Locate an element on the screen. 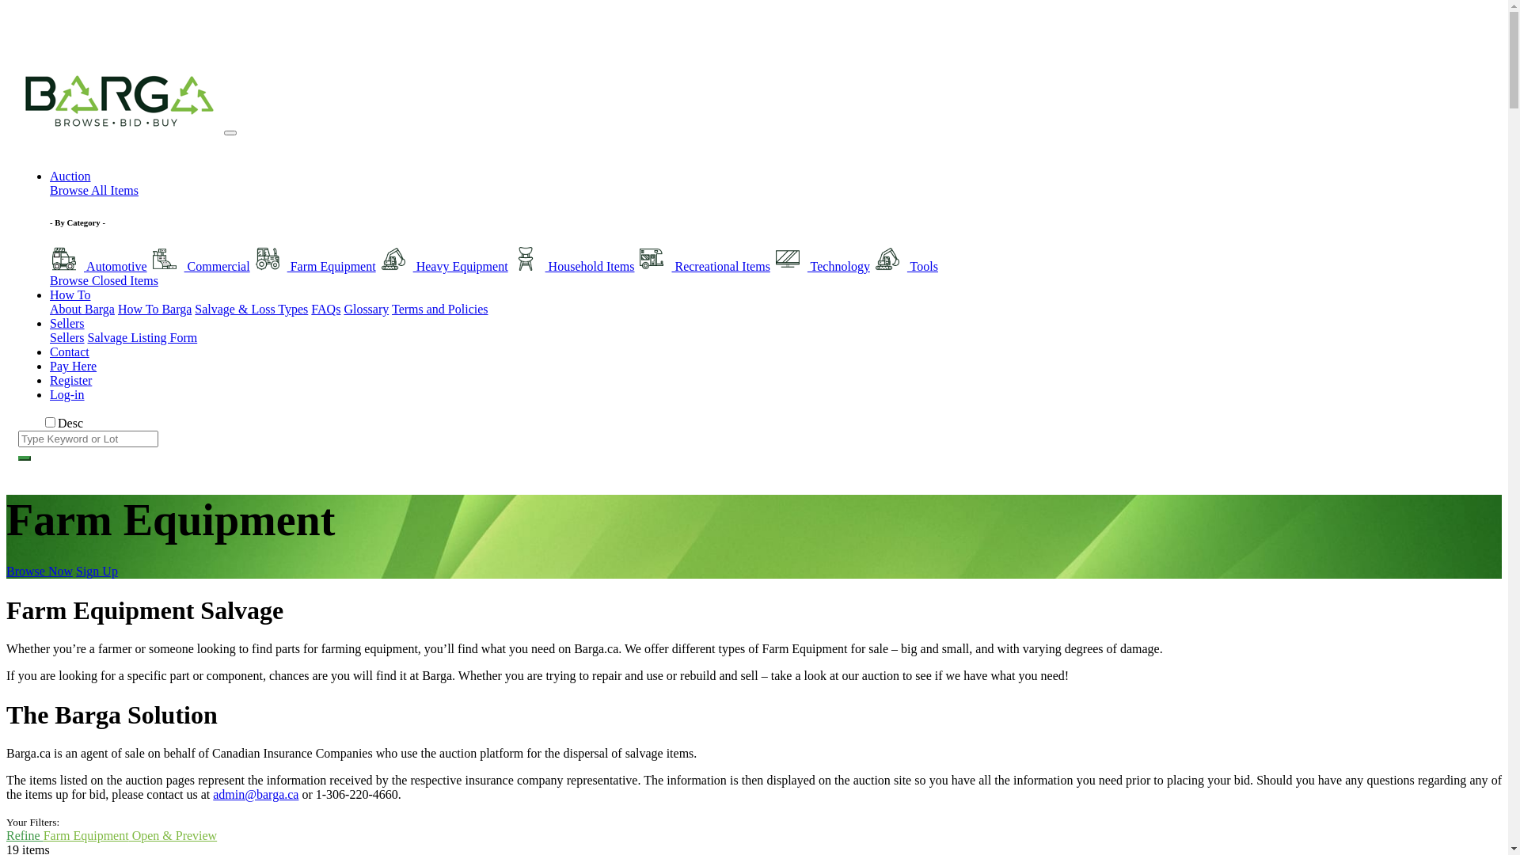 The image size is (1520, 855). 'Tools' is located at coordinates (905, 265).